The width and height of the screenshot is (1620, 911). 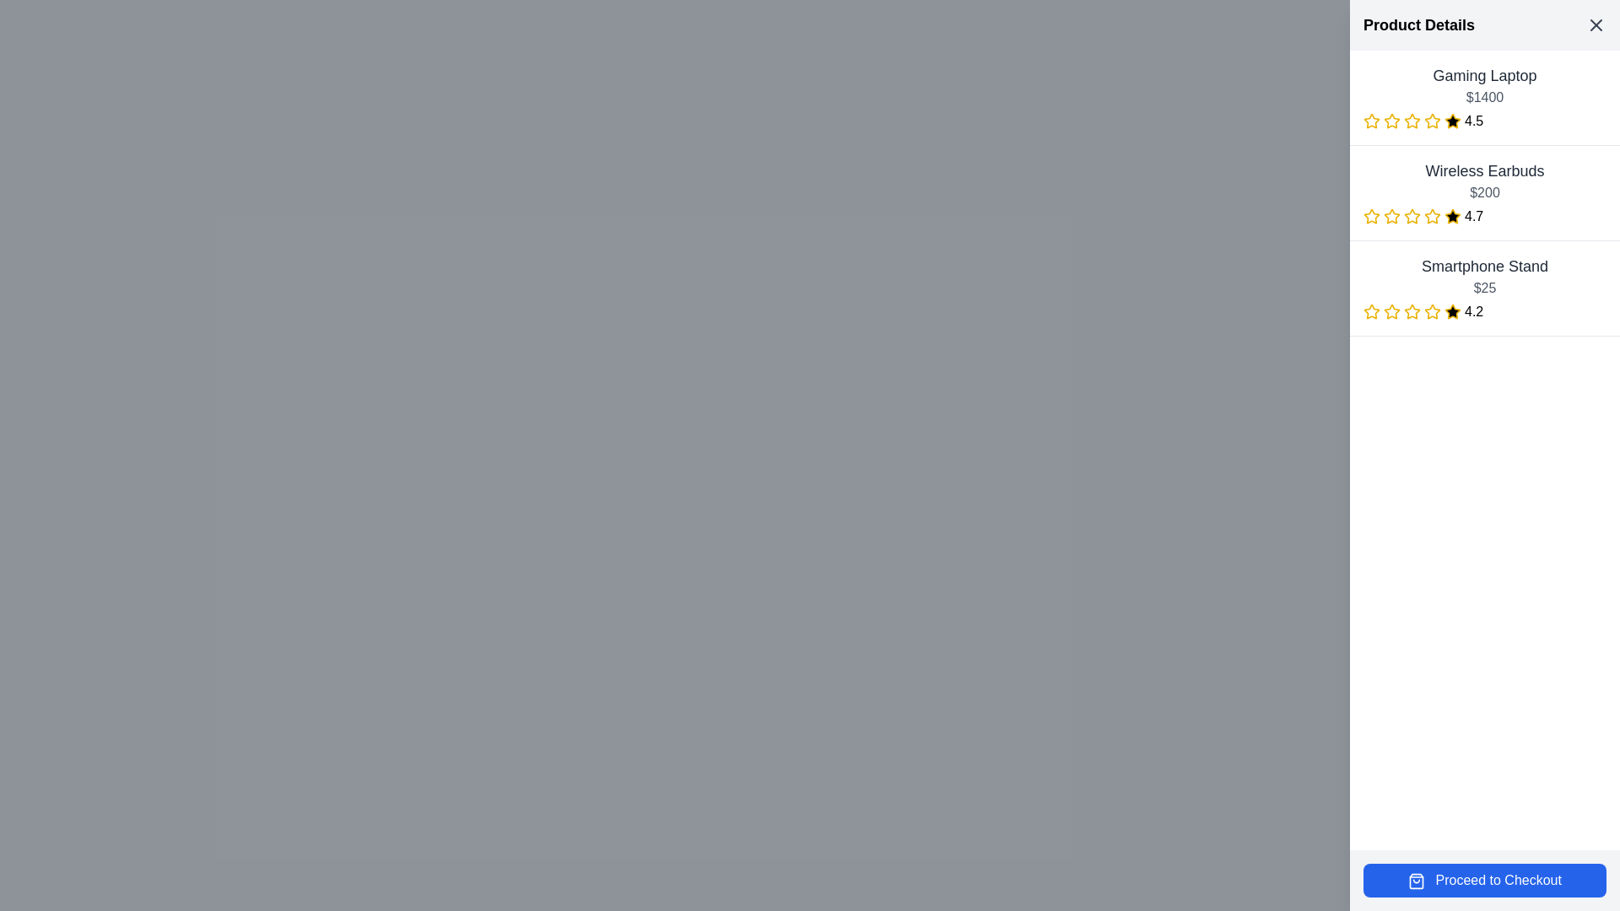 What do you see at coordinates (1392, 312) in the screenshot?
I see `the third star icon in the rating system located in the 'Product Details' section next to the '4.2' rating` at bounding box center [1392, 312].